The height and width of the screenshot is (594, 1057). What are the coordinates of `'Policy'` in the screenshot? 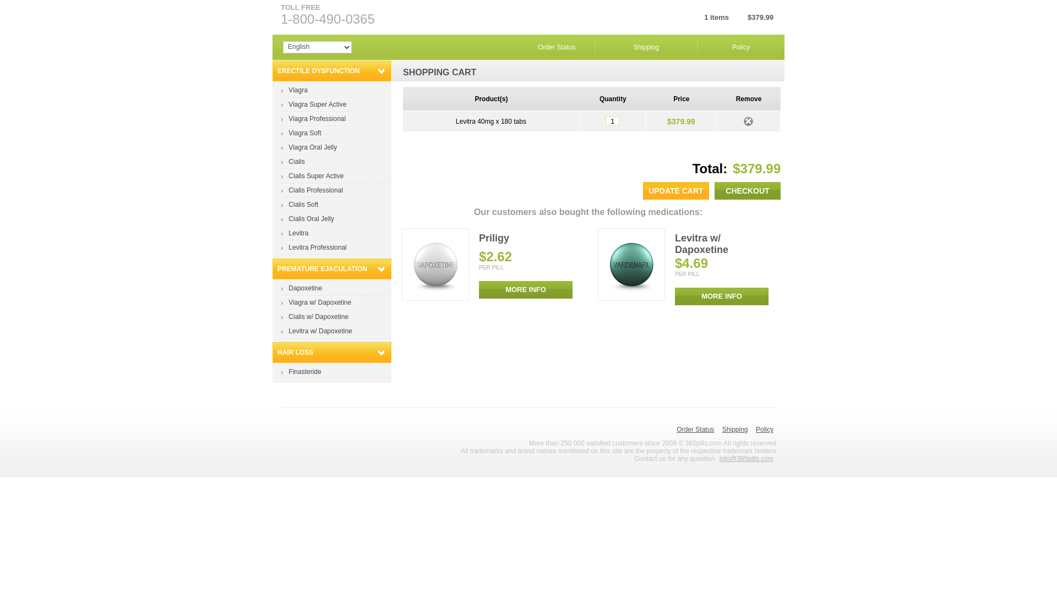 It's located at (755, 428).